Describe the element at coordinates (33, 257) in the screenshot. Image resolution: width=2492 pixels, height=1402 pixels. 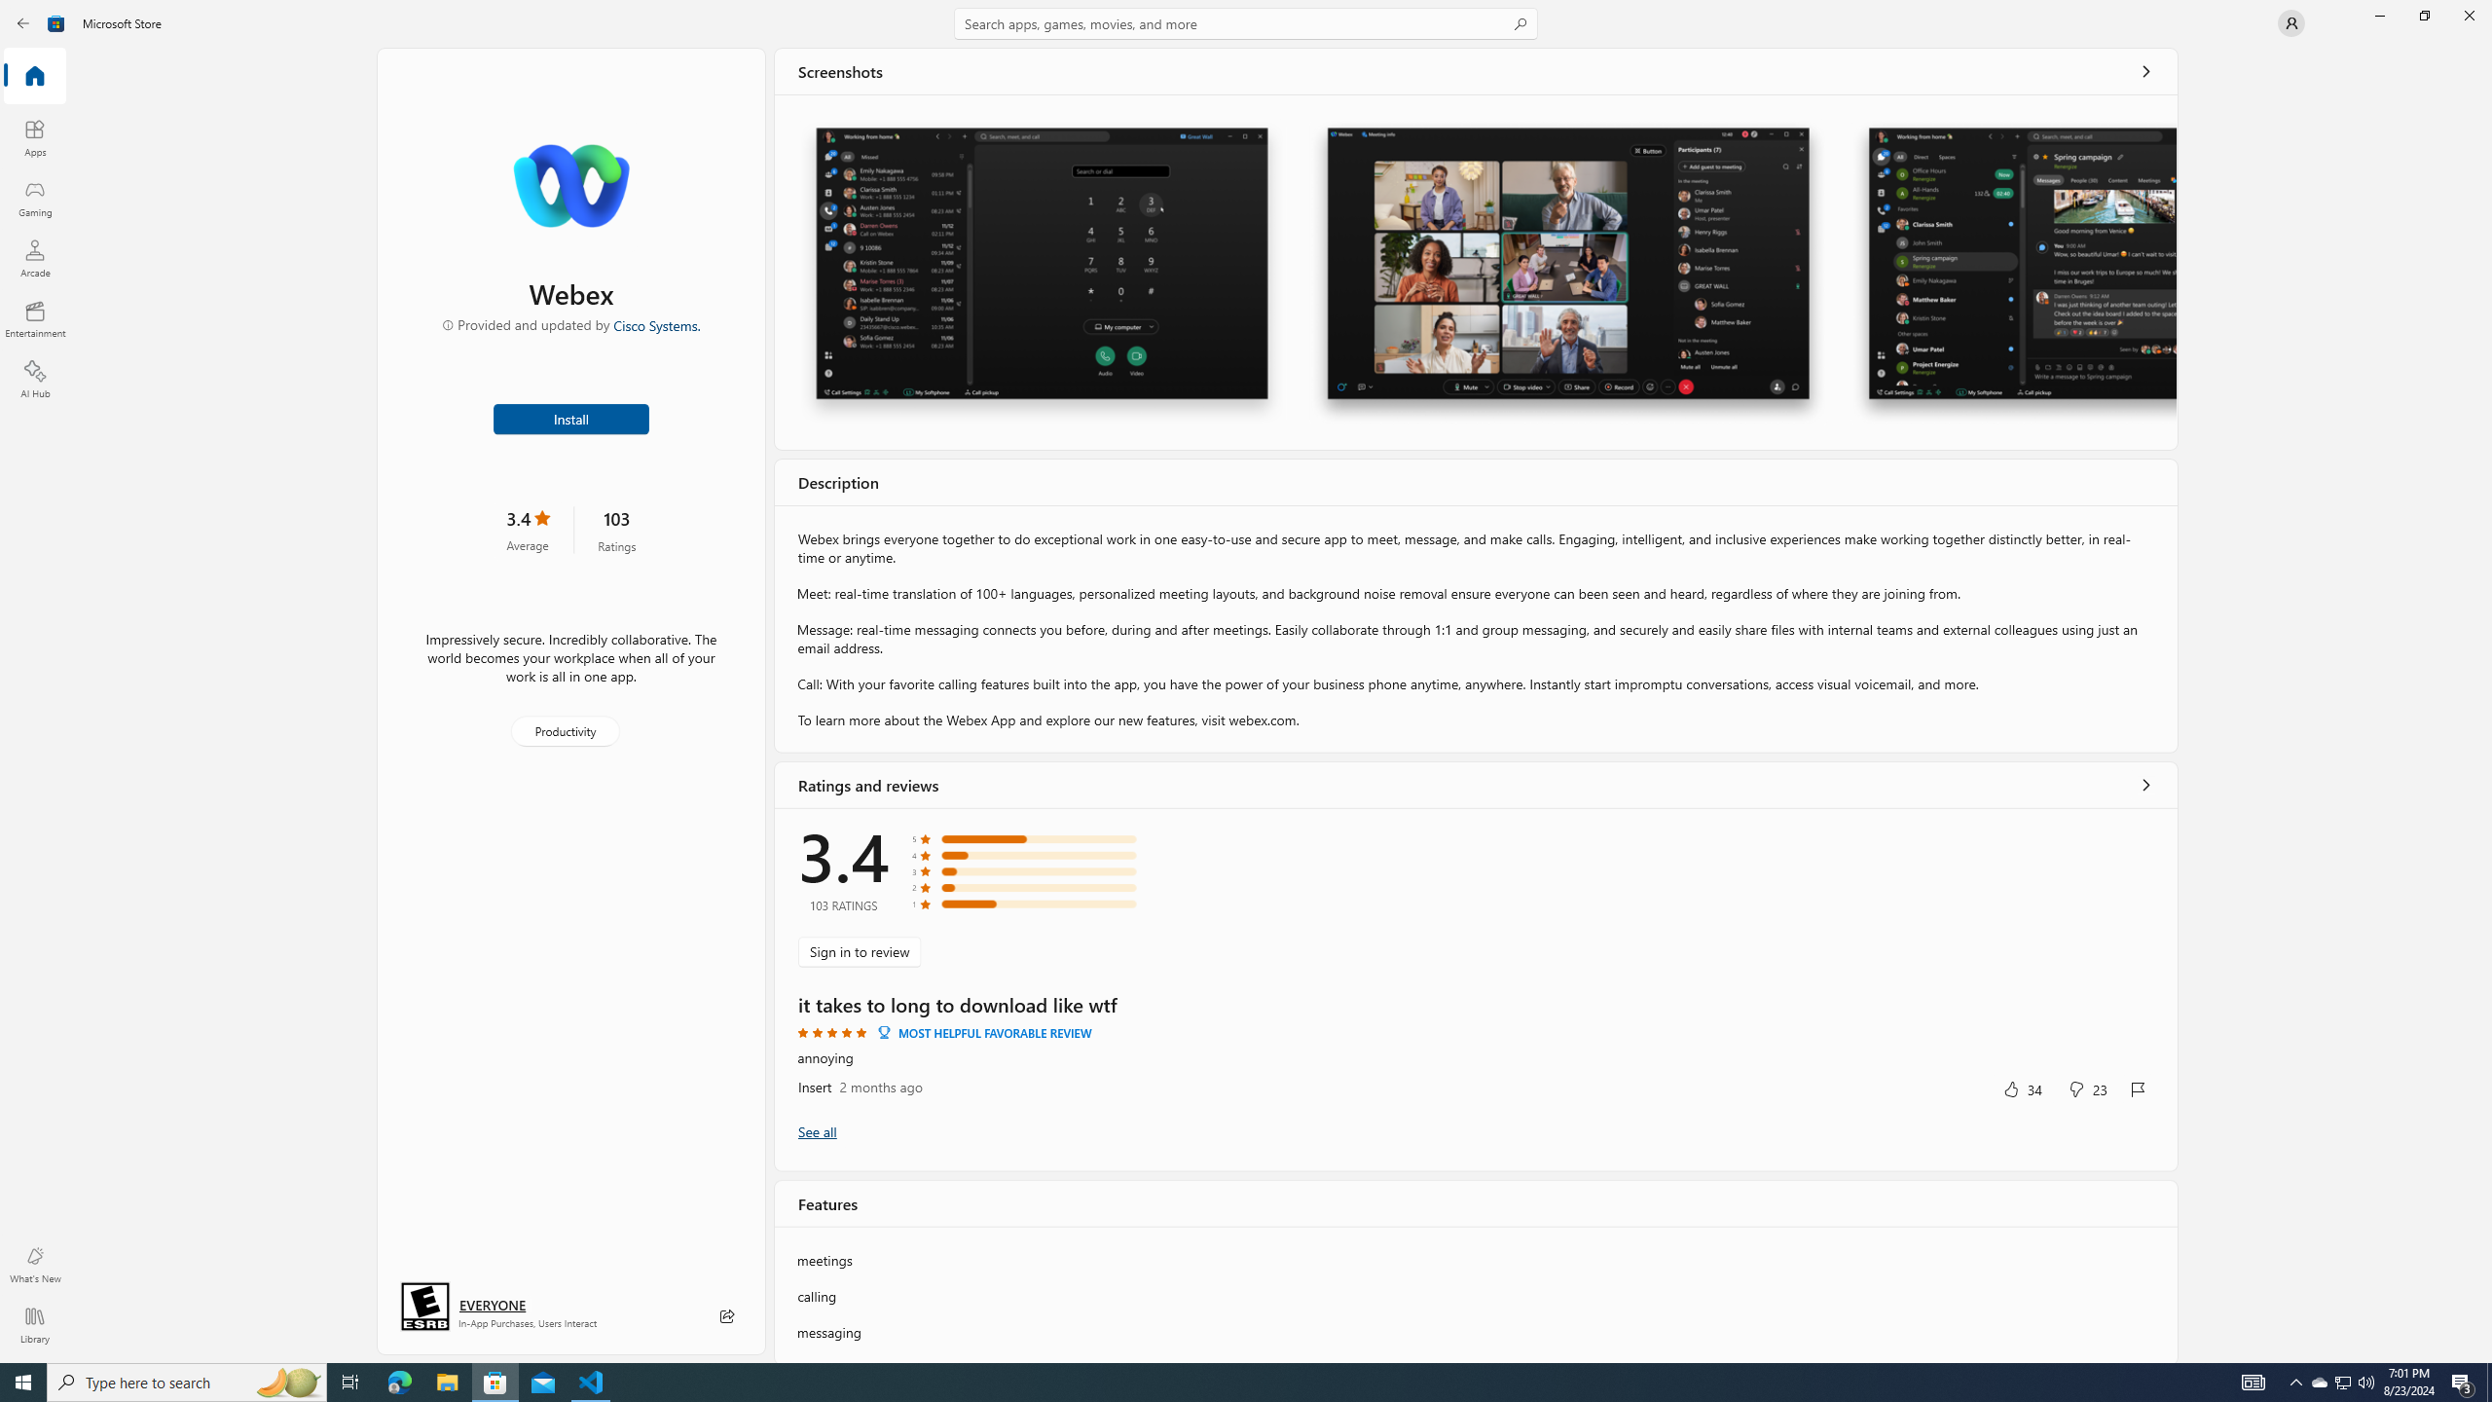
I see `'Arcade'` at that location.